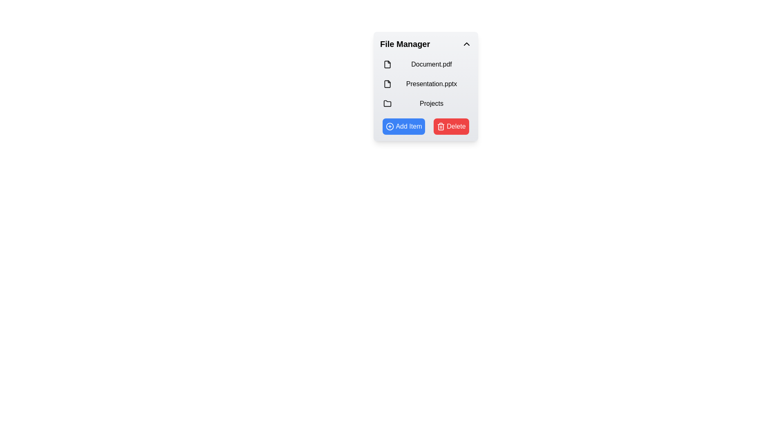 The image size is (784, 441). What do you see at coordinates (387, 64) in the screenshot?
I see `the red document icon located next to the text 'Document.pdf' in the file manager interface as a visual reference for the associated text` at bounding box center [387, 64].